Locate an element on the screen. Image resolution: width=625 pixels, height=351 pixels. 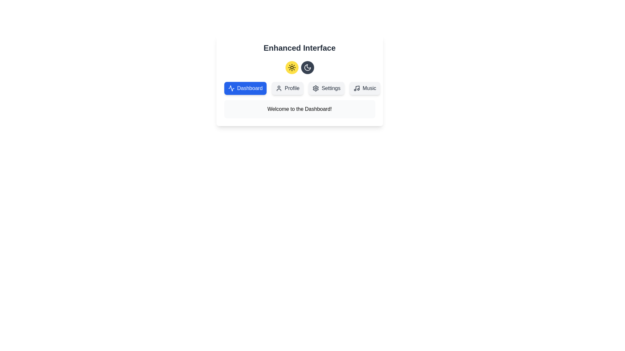
the circular button with a dark gray background and a white crescent moon icon to change its background appearance is located at coordinates (307, 68).